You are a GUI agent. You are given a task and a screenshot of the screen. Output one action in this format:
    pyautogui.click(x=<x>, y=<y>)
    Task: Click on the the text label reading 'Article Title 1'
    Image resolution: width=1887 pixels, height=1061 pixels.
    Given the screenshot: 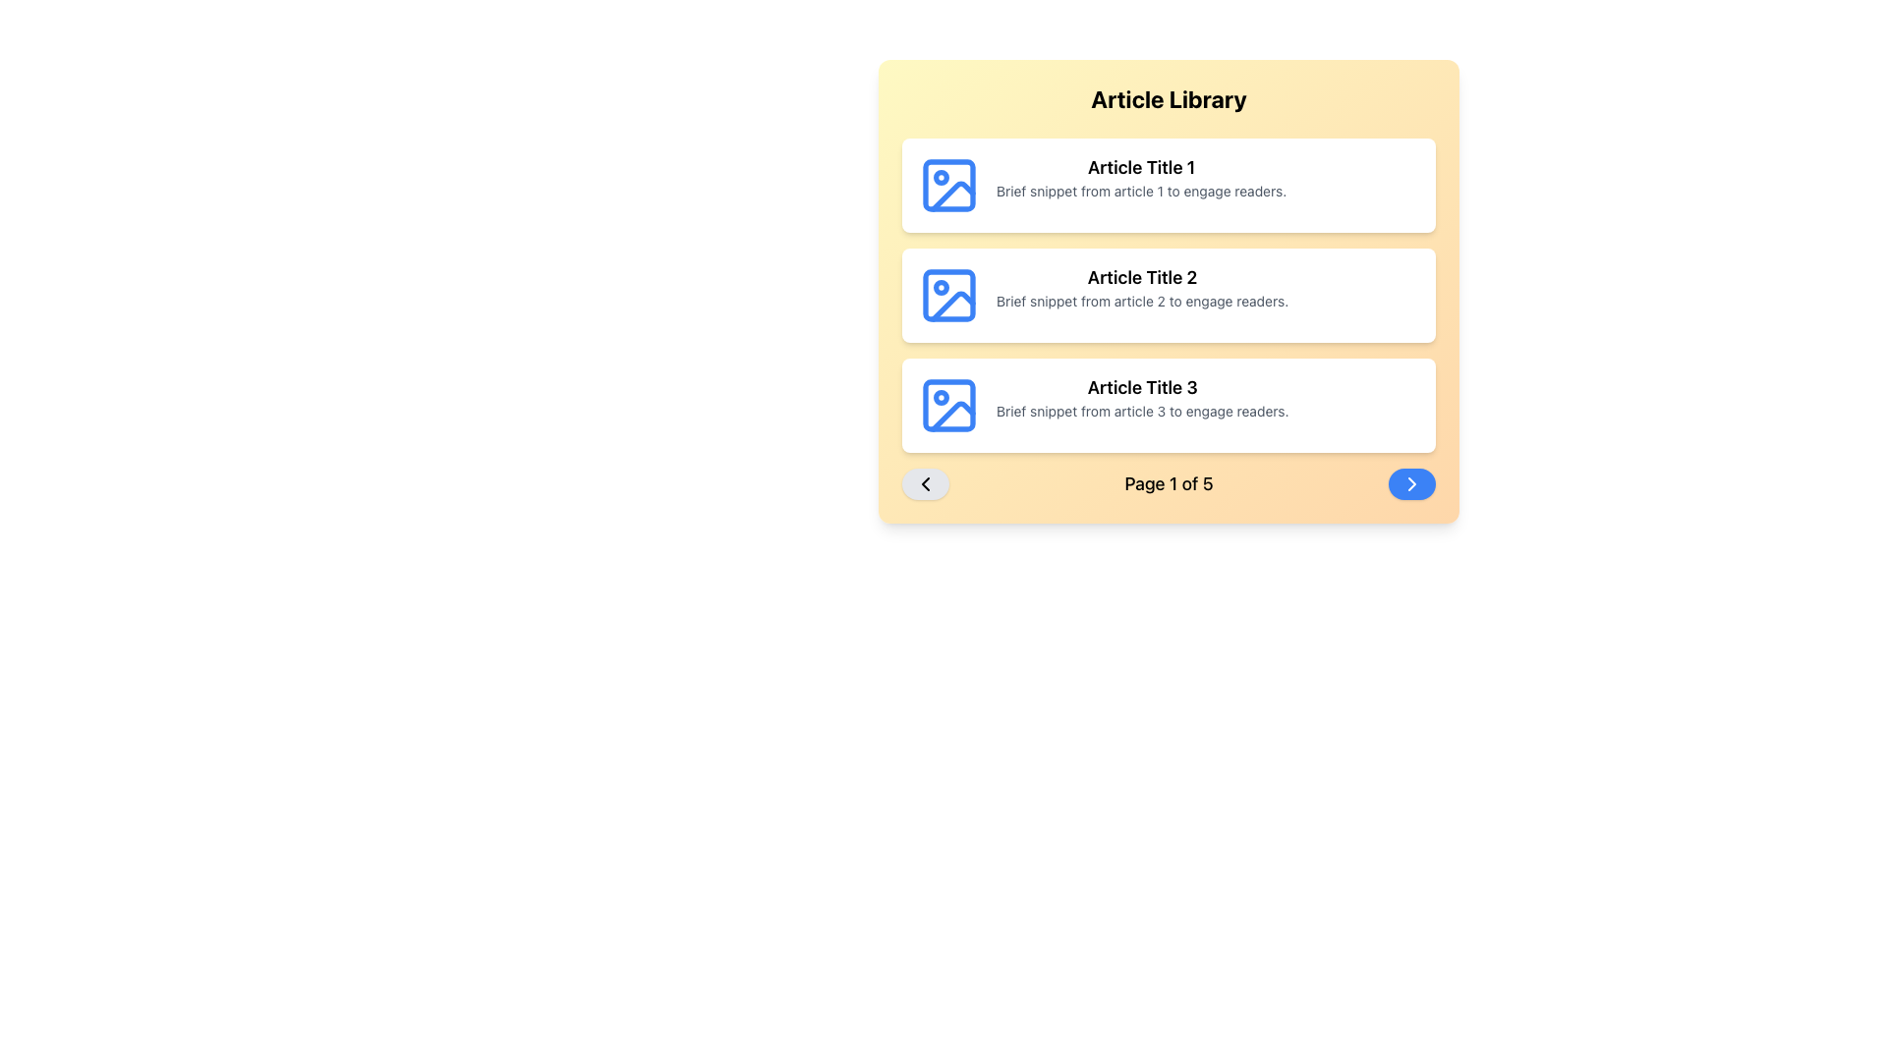 What is the action you would take?
    pyautogui.click(x=1141, y=166)
    